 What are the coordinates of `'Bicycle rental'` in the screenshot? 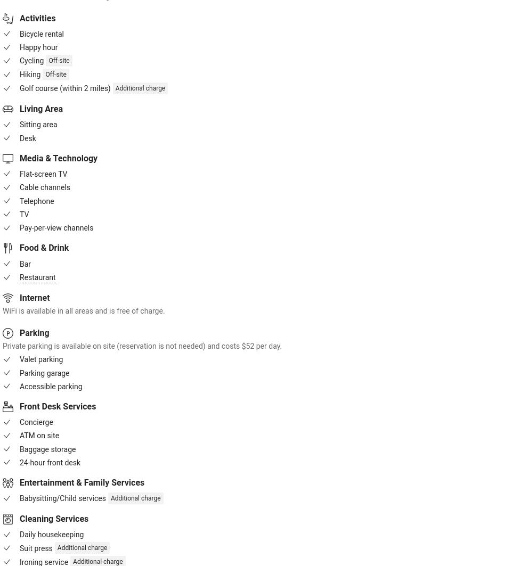 It's located at (42, 34).